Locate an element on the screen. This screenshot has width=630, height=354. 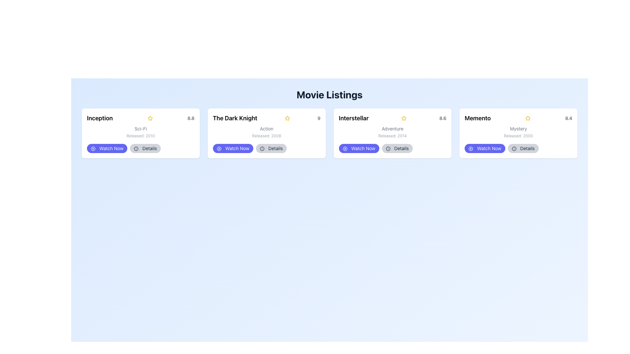
the circular graphical component of the information icon, which is part of an SVG icon located to the left of the 'Watch Now' button in the film 'Memento' card is located at coordinates (514, 149).